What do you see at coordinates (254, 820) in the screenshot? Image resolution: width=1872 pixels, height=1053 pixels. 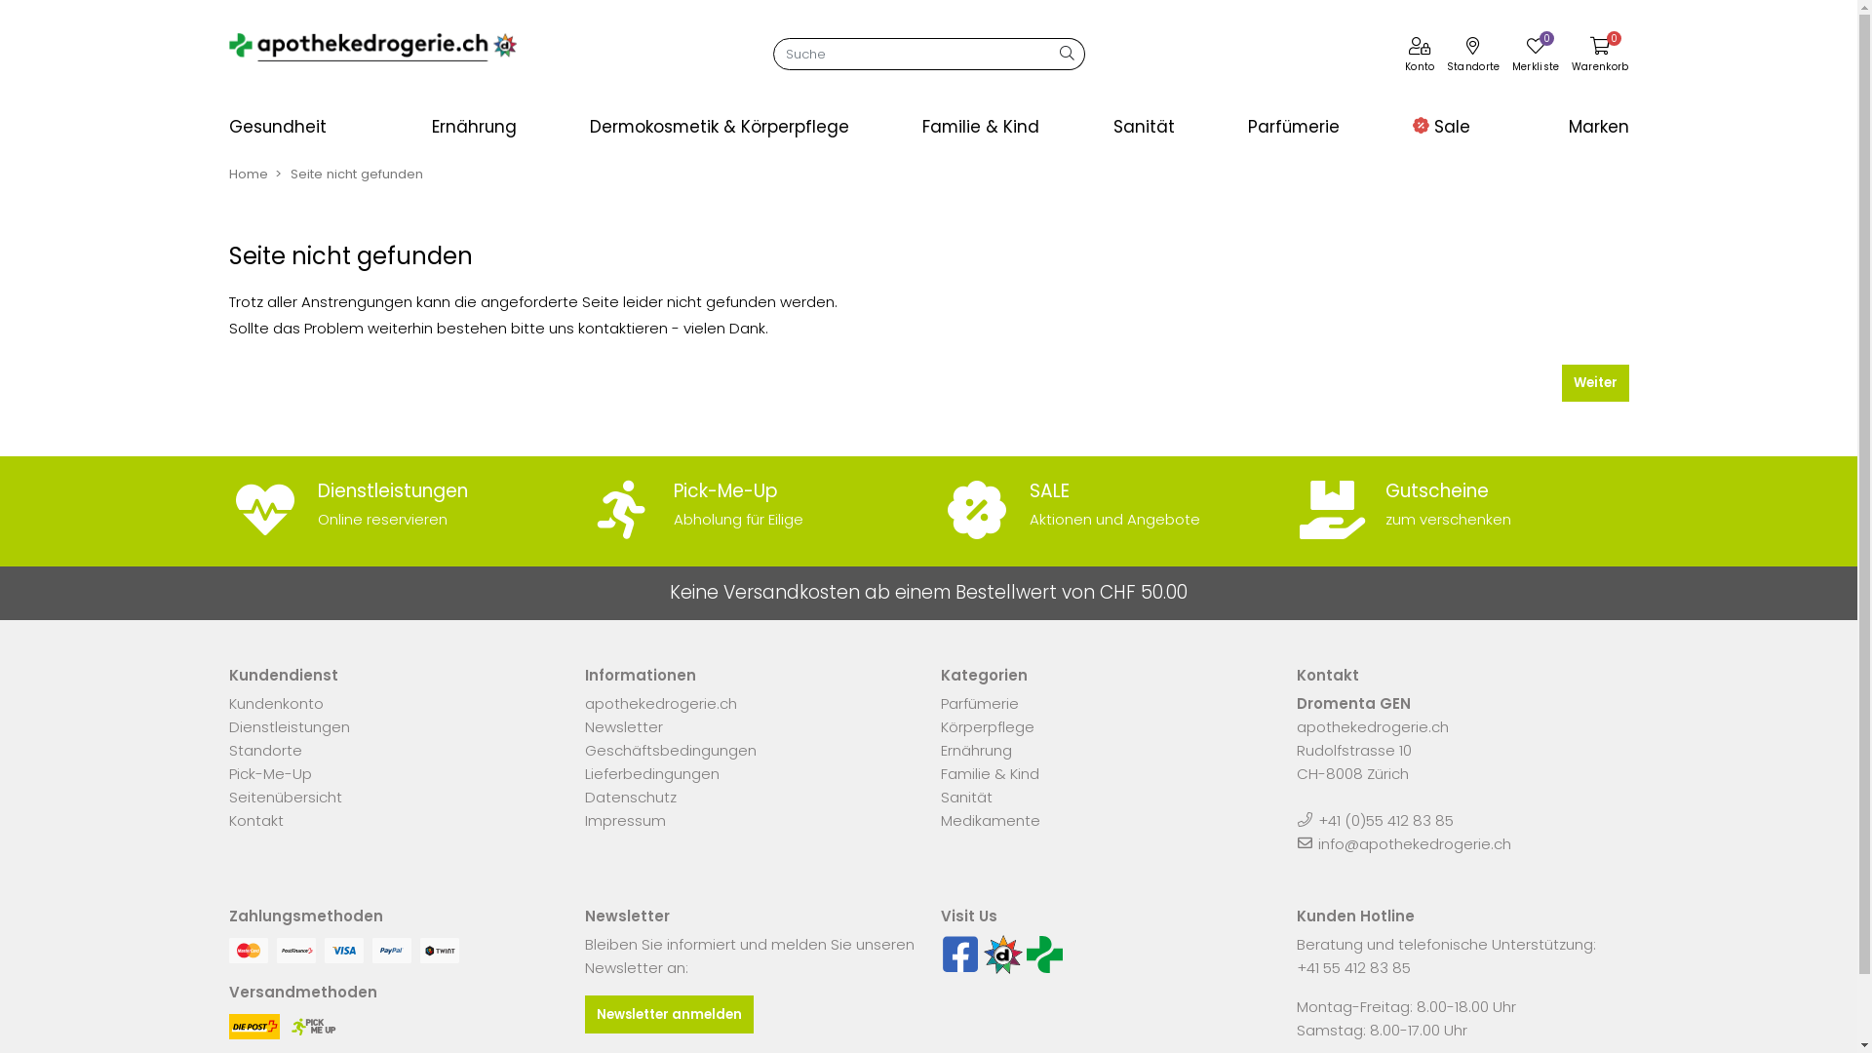 I see `'Kontakt'` at bounding box center [254, 820].